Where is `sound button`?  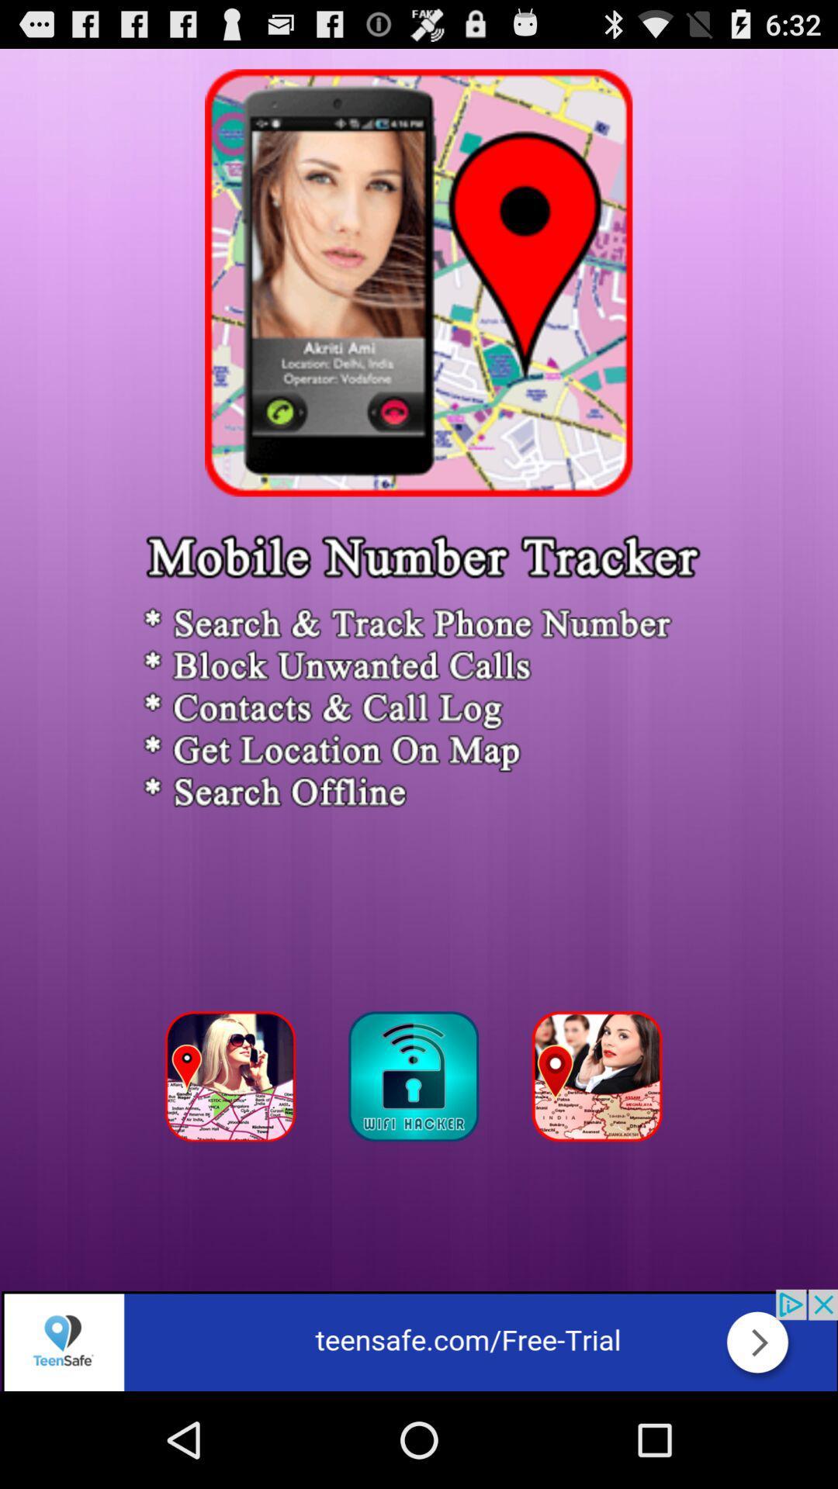 sound button is located at coordinates (417, 1080).